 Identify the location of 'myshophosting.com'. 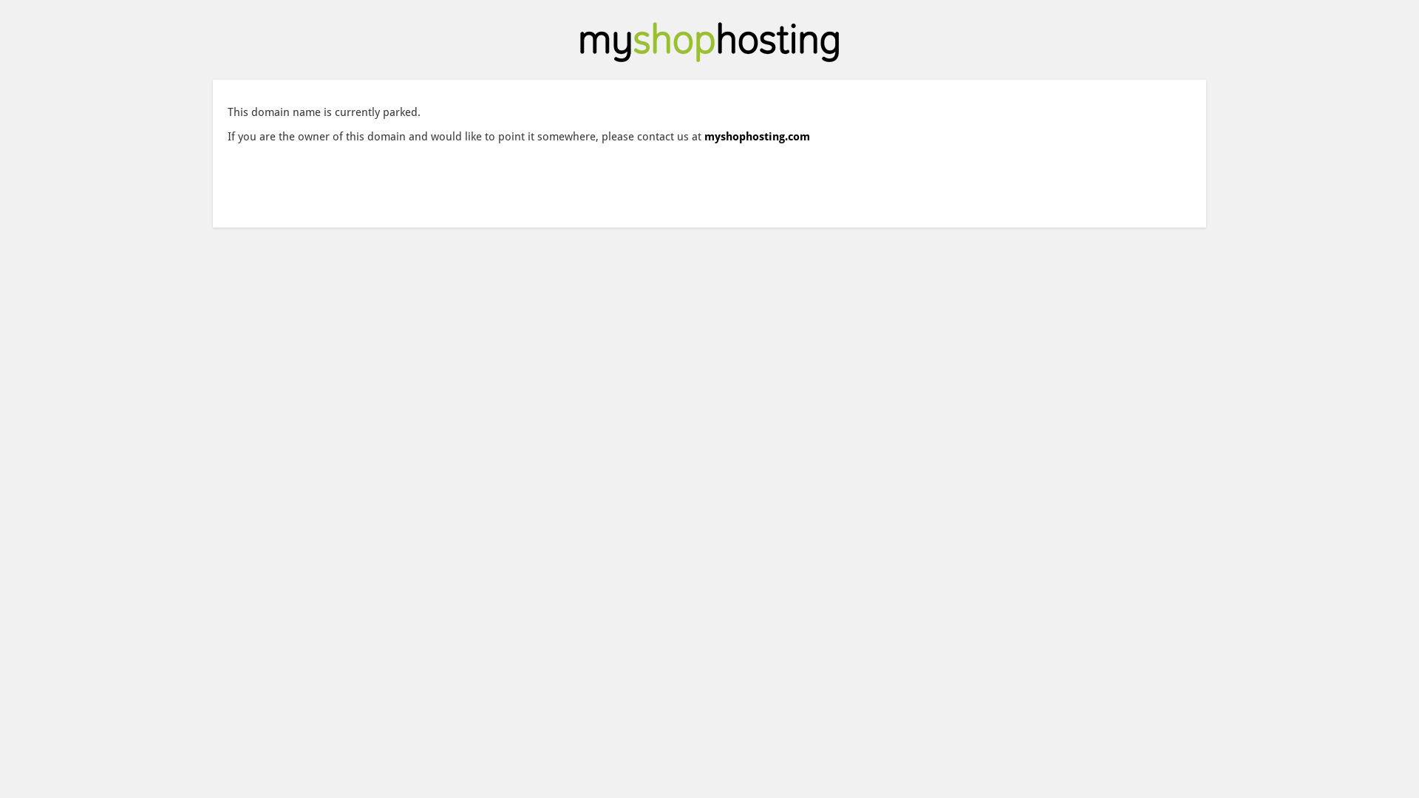
(757, 137).